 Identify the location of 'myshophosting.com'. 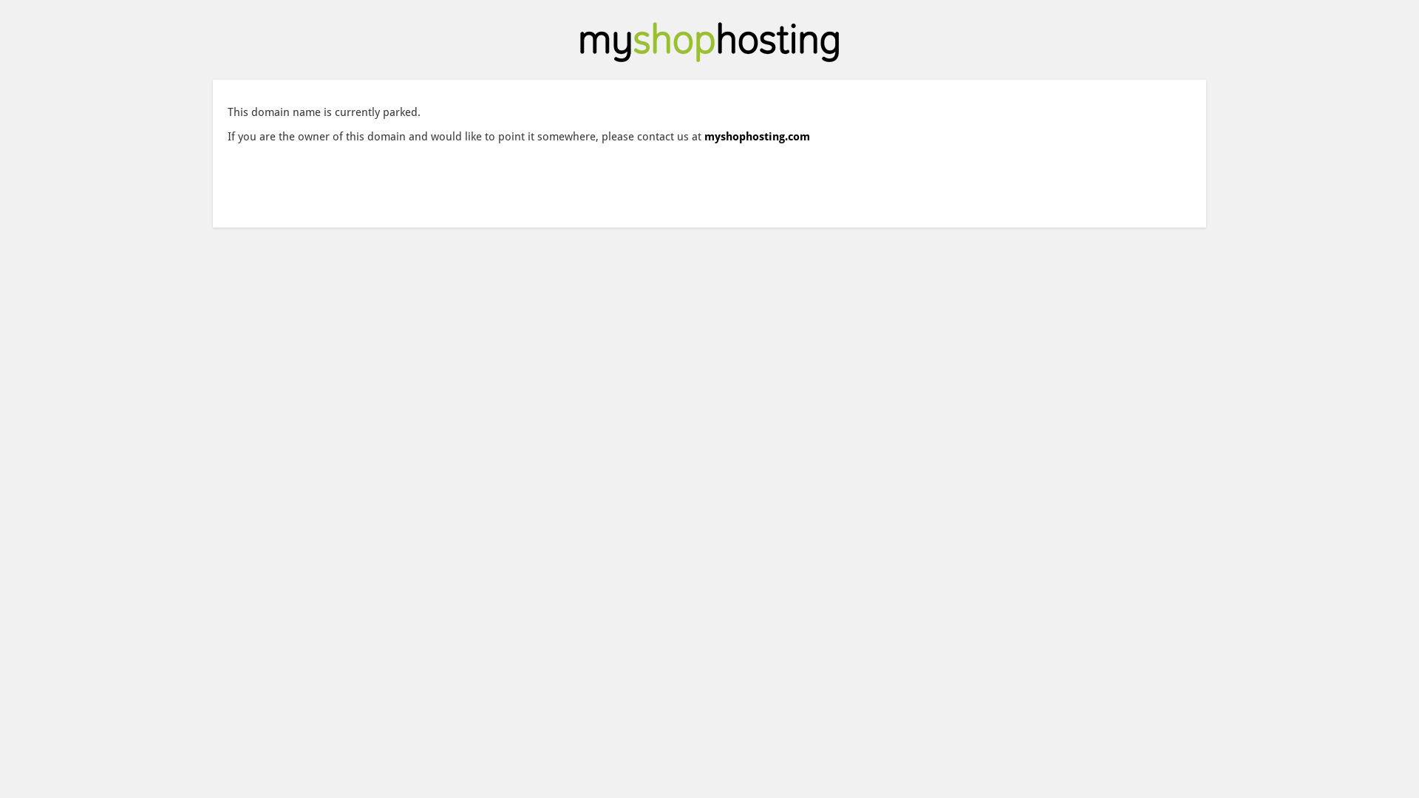
(757, 137).